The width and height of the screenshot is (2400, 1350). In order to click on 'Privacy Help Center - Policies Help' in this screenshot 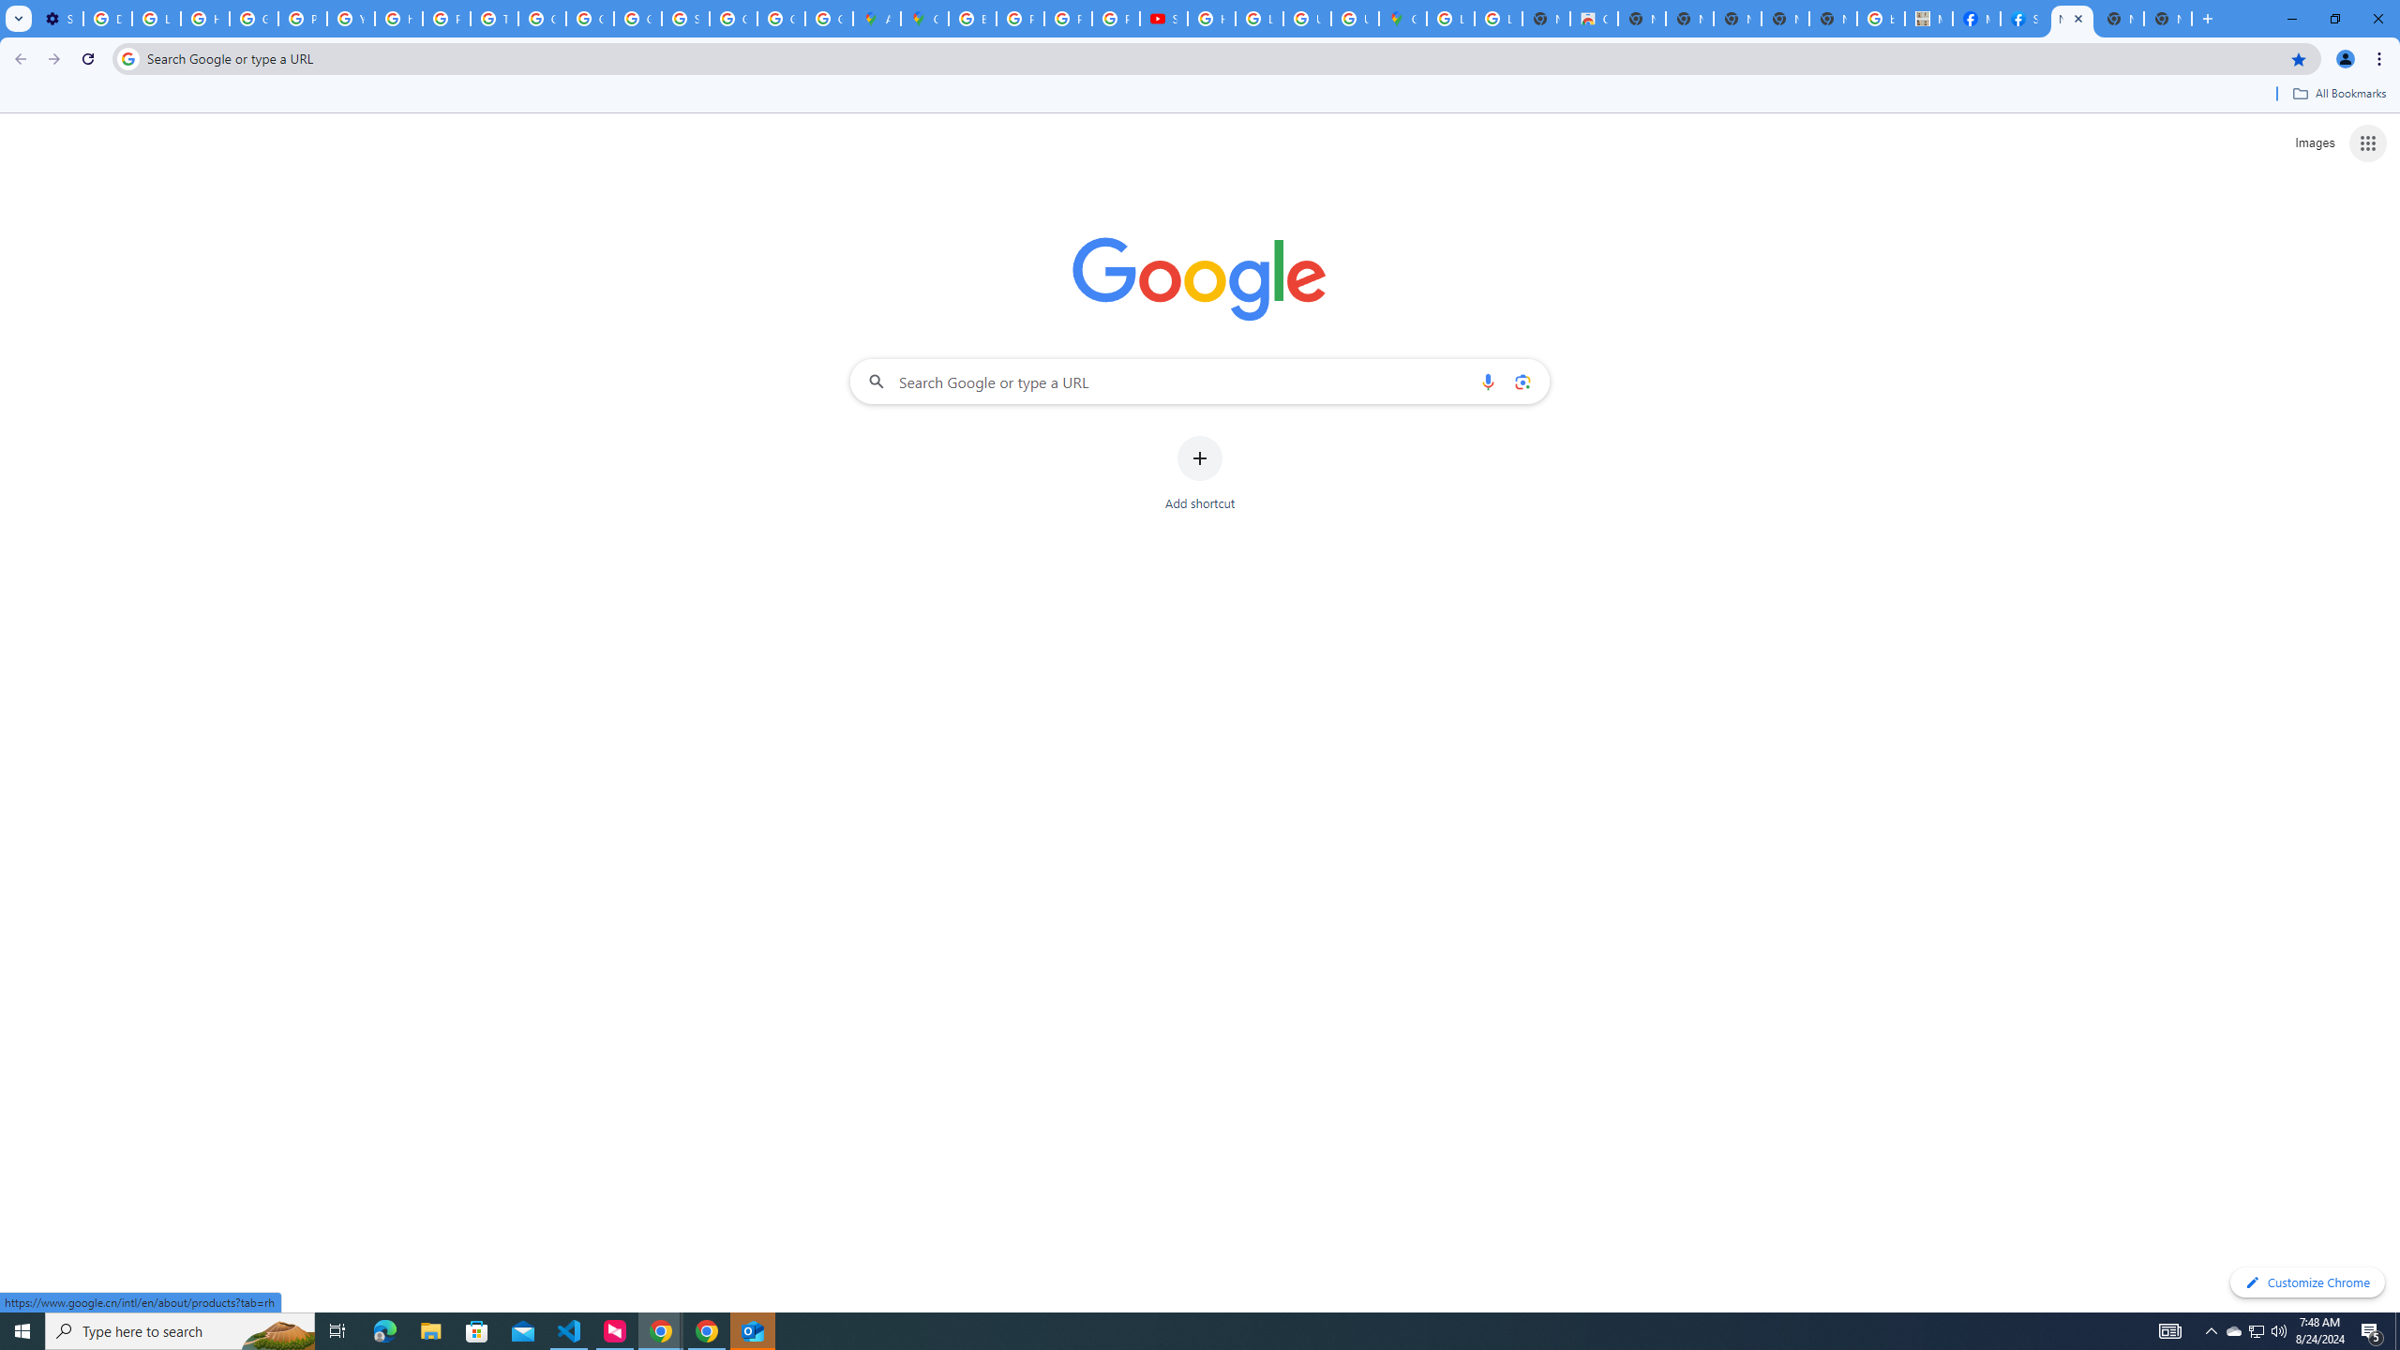, I will do `click(1020, 18)`.